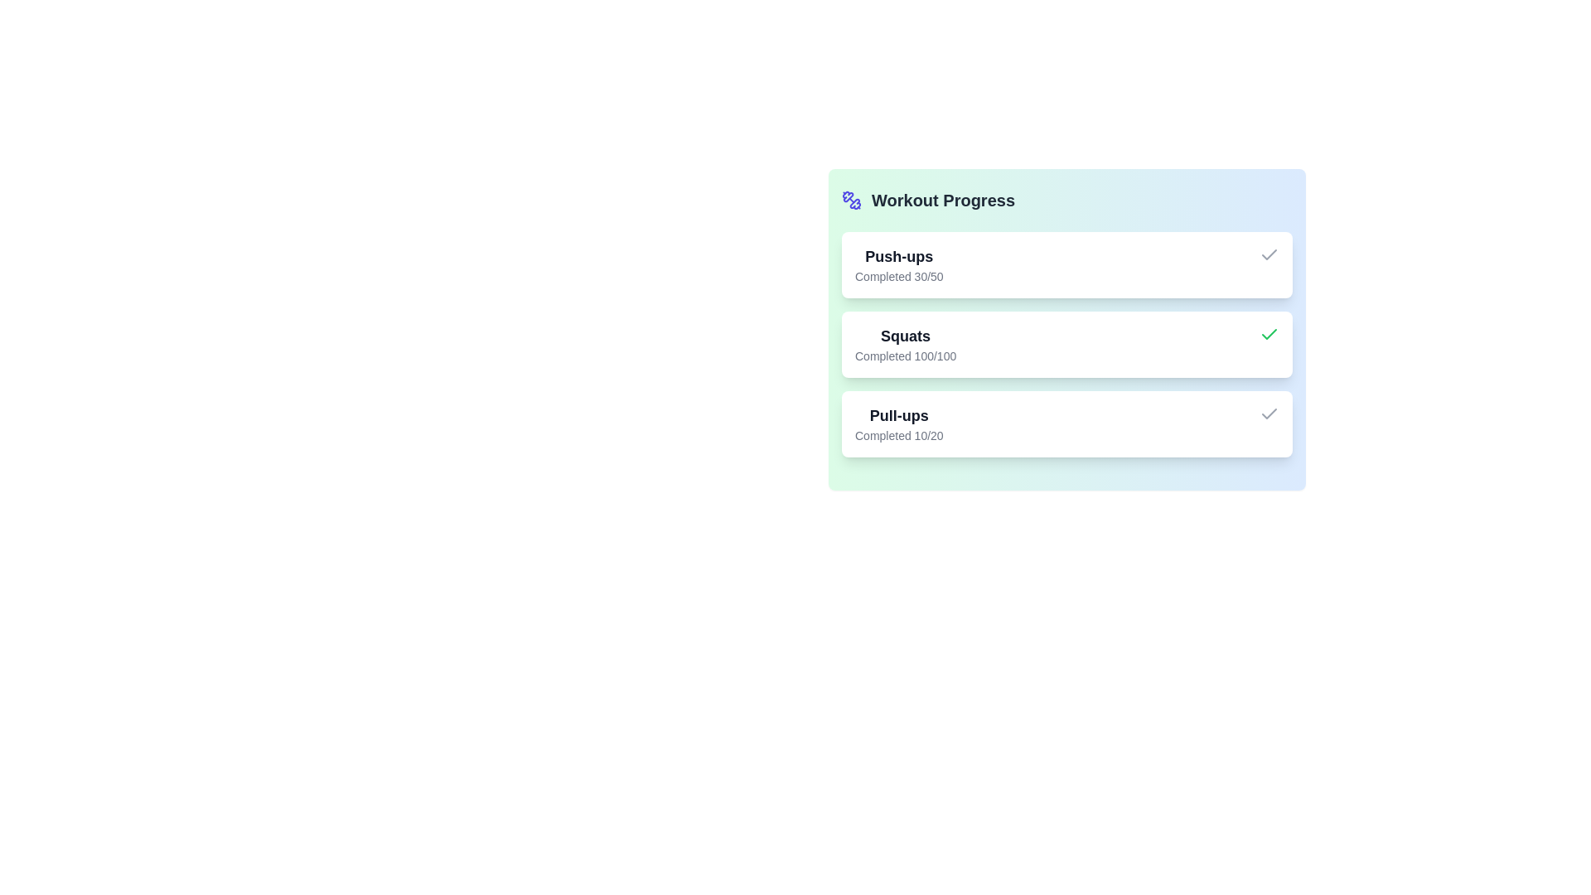 The height and width of the screenshot is (895, 1591). I want to click on the details of the checkmark icon indicating the completed state for the 'Push-ups' task located in the first card of the 'Push-ups Completed 30/50' list, so click(1268, 255).